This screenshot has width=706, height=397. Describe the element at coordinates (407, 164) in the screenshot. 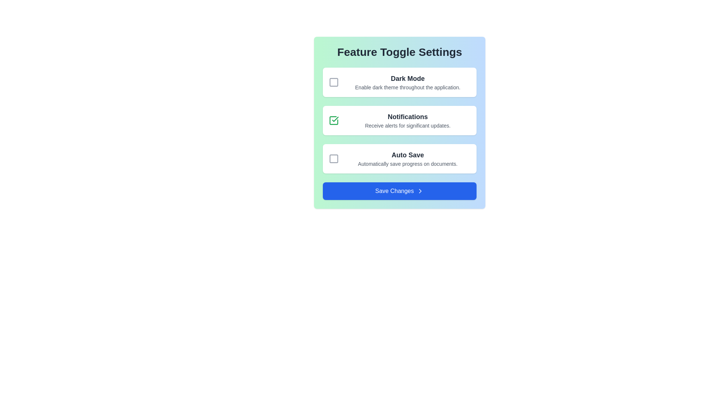

I see `the Text label that describes the 'Auto Save' feature in the settings panel, located below the 'Auto Save' heading` at that location.